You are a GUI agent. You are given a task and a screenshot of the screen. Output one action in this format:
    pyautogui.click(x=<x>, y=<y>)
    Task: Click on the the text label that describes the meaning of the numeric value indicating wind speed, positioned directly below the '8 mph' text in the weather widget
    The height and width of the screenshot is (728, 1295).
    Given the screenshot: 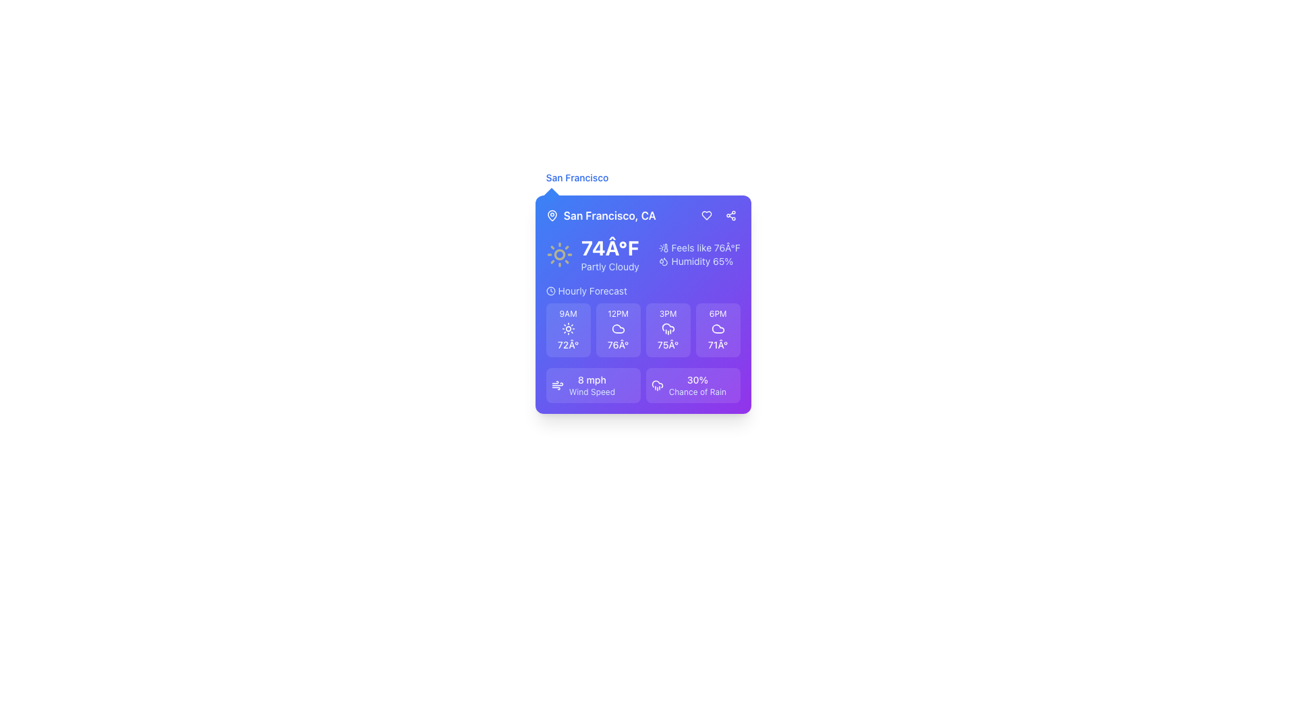 What is the action you would take?
    pyautogui.click(x=592, y=392)
    